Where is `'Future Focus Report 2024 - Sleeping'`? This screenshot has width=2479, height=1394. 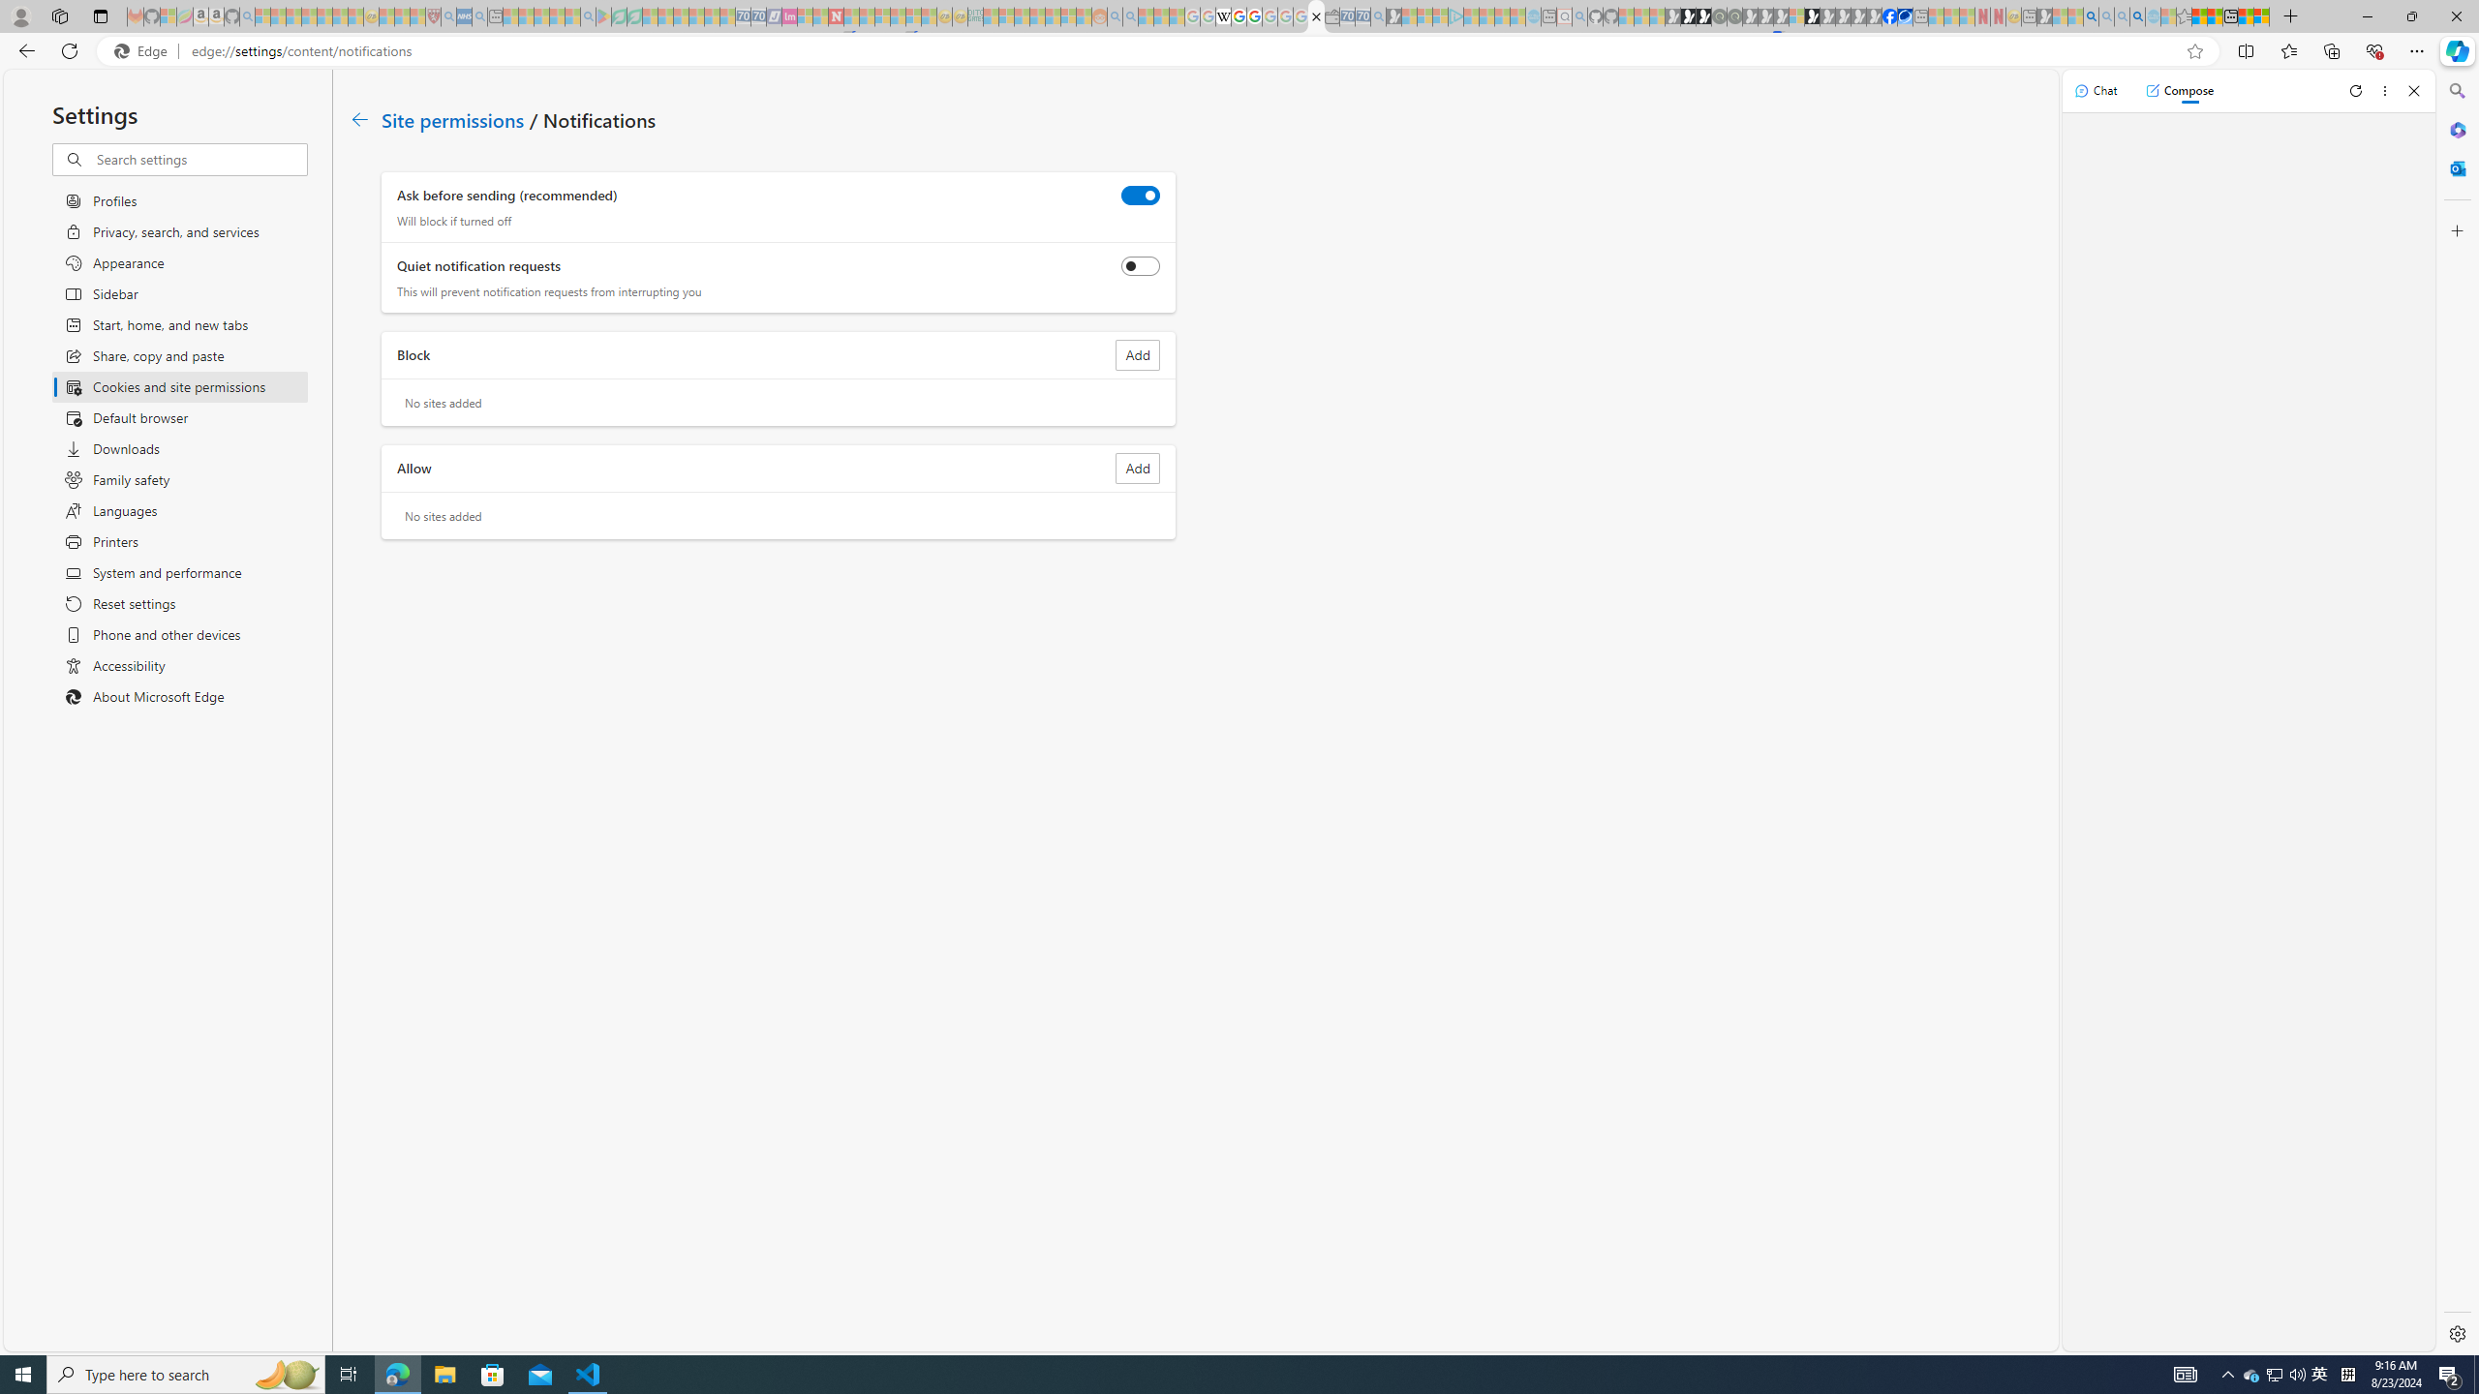
'Future Focus Report 2024 - Sleeping' is located at coordinates (1732, 15).